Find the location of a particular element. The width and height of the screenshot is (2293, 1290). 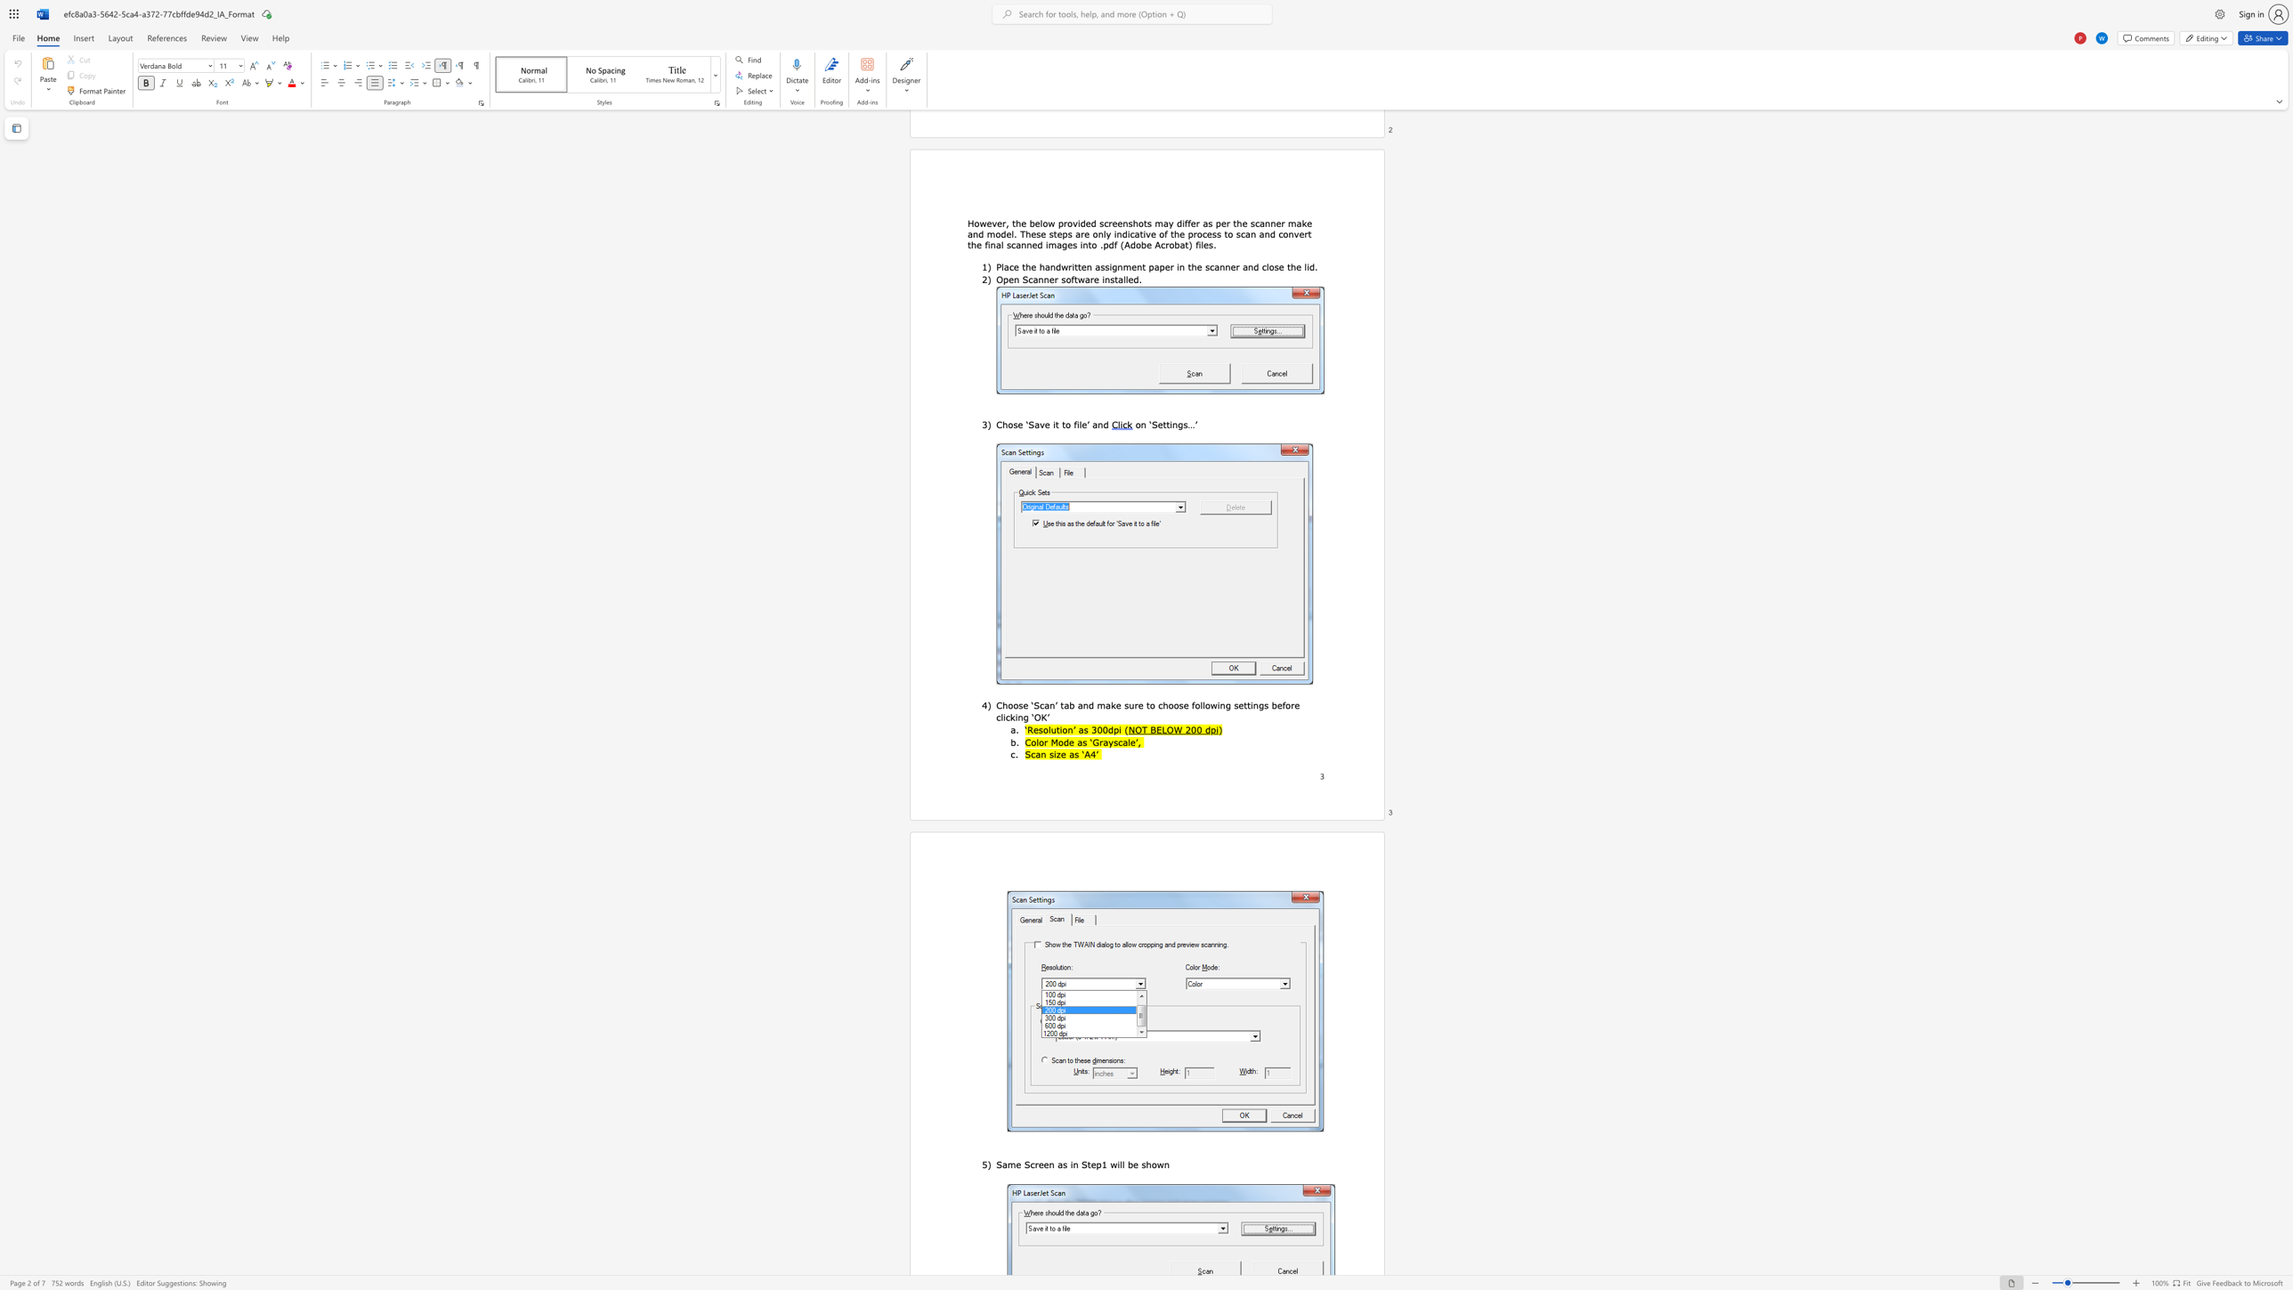

the subset text "dp" within the text "NOT BELOW 200 dpi" is located at coordinates (1204, 728).